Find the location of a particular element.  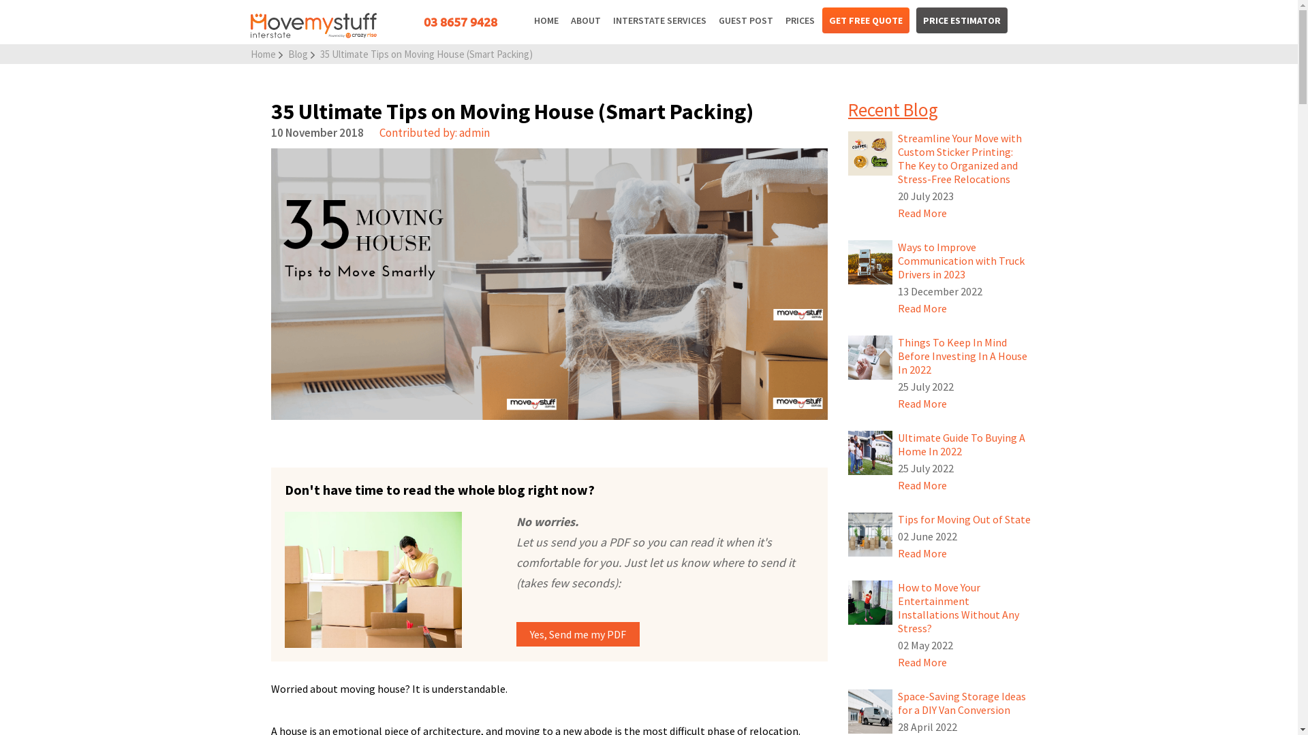

'03 8657 9428' is located at coordinates (461, 21).